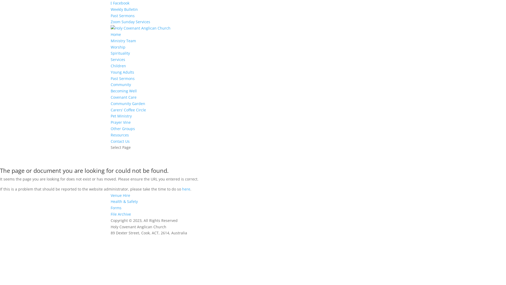 The image size is (506, 285). I want to click on 'Venue Hire', so click(120, 195).